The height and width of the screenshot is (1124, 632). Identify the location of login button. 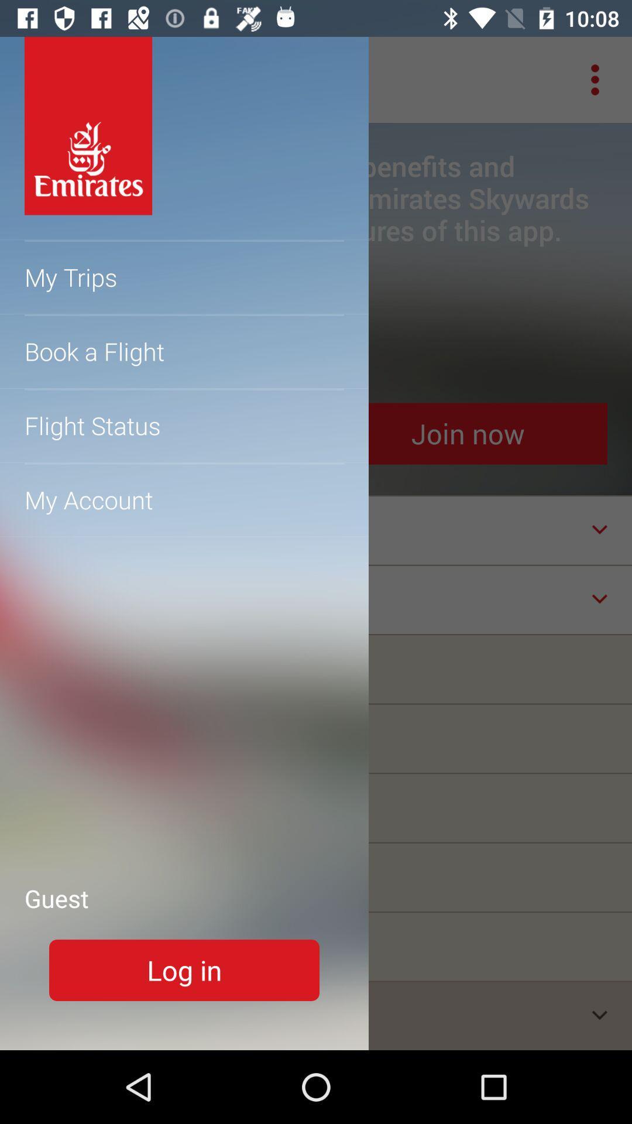
(184, 970).